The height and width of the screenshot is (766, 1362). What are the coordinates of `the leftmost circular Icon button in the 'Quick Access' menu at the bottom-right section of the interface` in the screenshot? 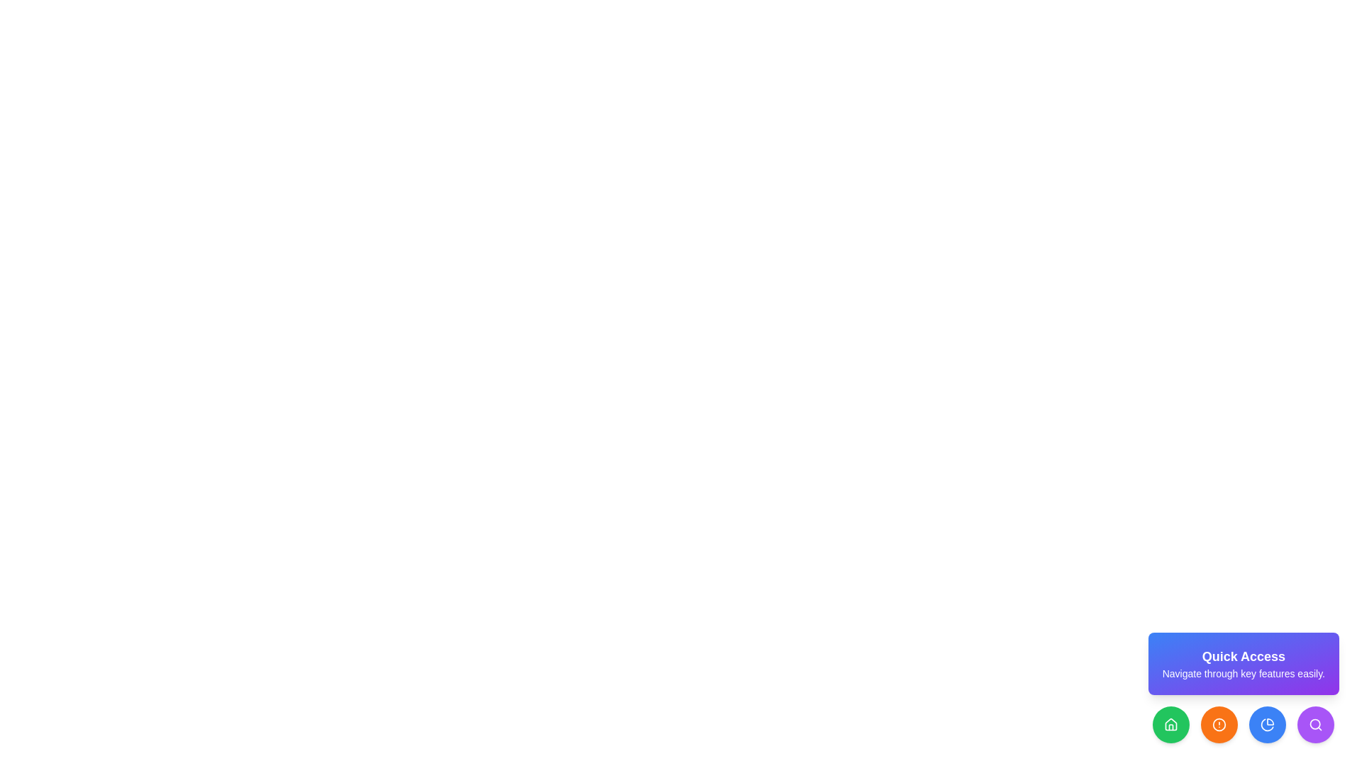 It's located at (1171, 725).